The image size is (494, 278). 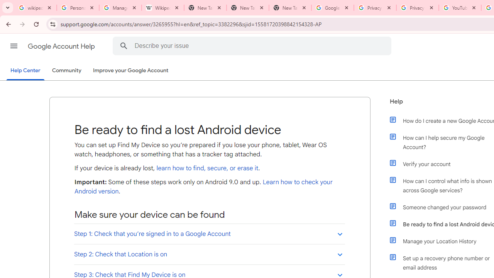 I want to click on 'Wikipedia:Edit requests - Wikipedia', so click(x=162, y=8).